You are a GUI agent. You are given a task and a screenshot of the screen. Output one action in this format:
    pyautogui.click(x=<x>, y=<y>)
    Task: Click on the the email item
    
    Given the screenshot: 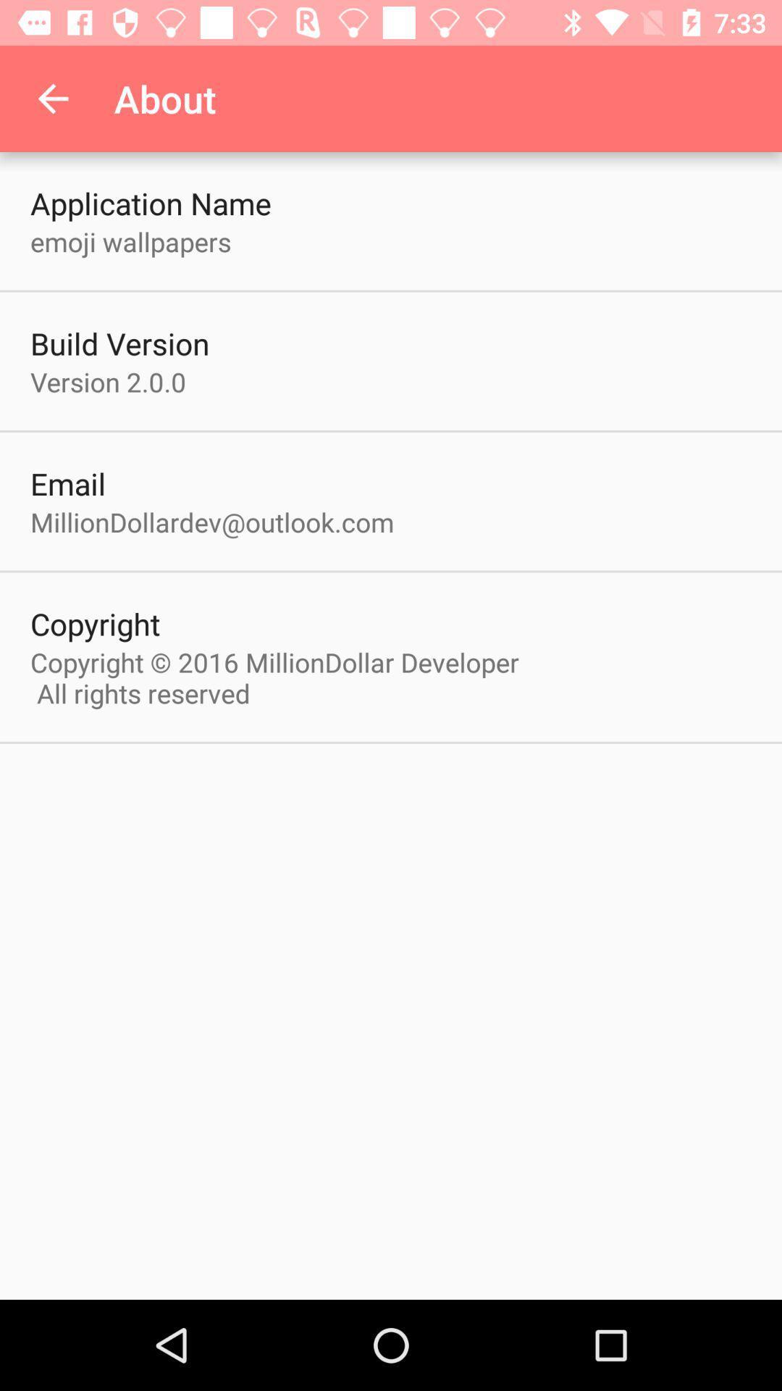 What is the action you would take?
    pyautogui.click(x=68, y=483)
    